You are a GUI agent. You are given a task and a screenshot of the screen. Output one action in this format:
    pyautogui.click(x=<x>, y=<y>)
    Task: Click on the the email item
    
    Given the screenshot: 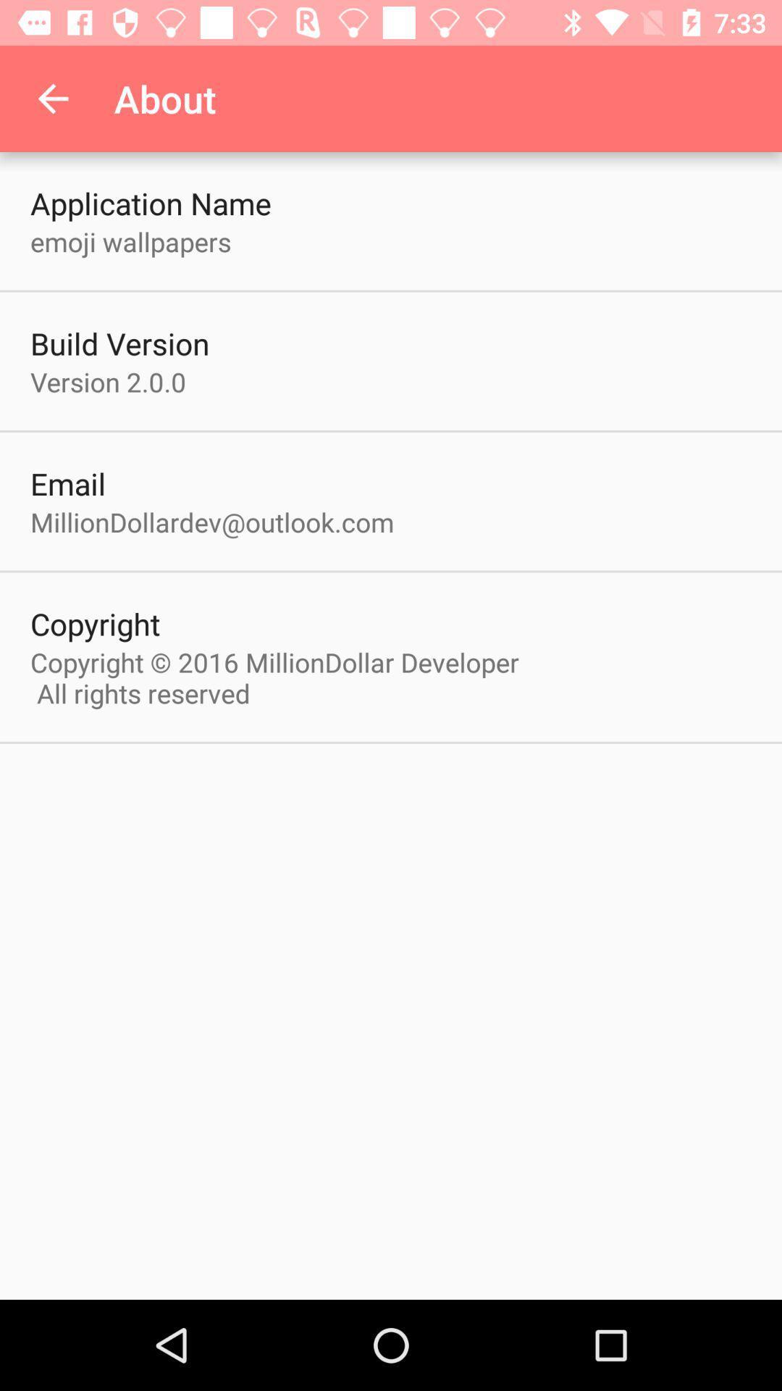 What is the action you would take?
    pyautogui.click(x=68, y=483)
    